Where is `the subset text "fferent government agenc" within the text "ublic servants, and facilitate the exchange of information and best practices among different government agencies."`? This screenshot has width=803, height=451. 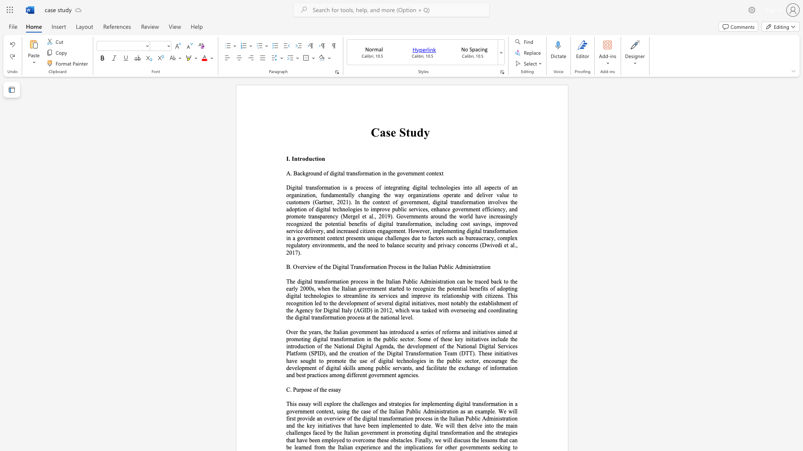 the subset text "fferent government agenc" within the text "ublic servants, and facilitate the exchange of information and best practices among different government agencies." is located at coordinates (351, 375).